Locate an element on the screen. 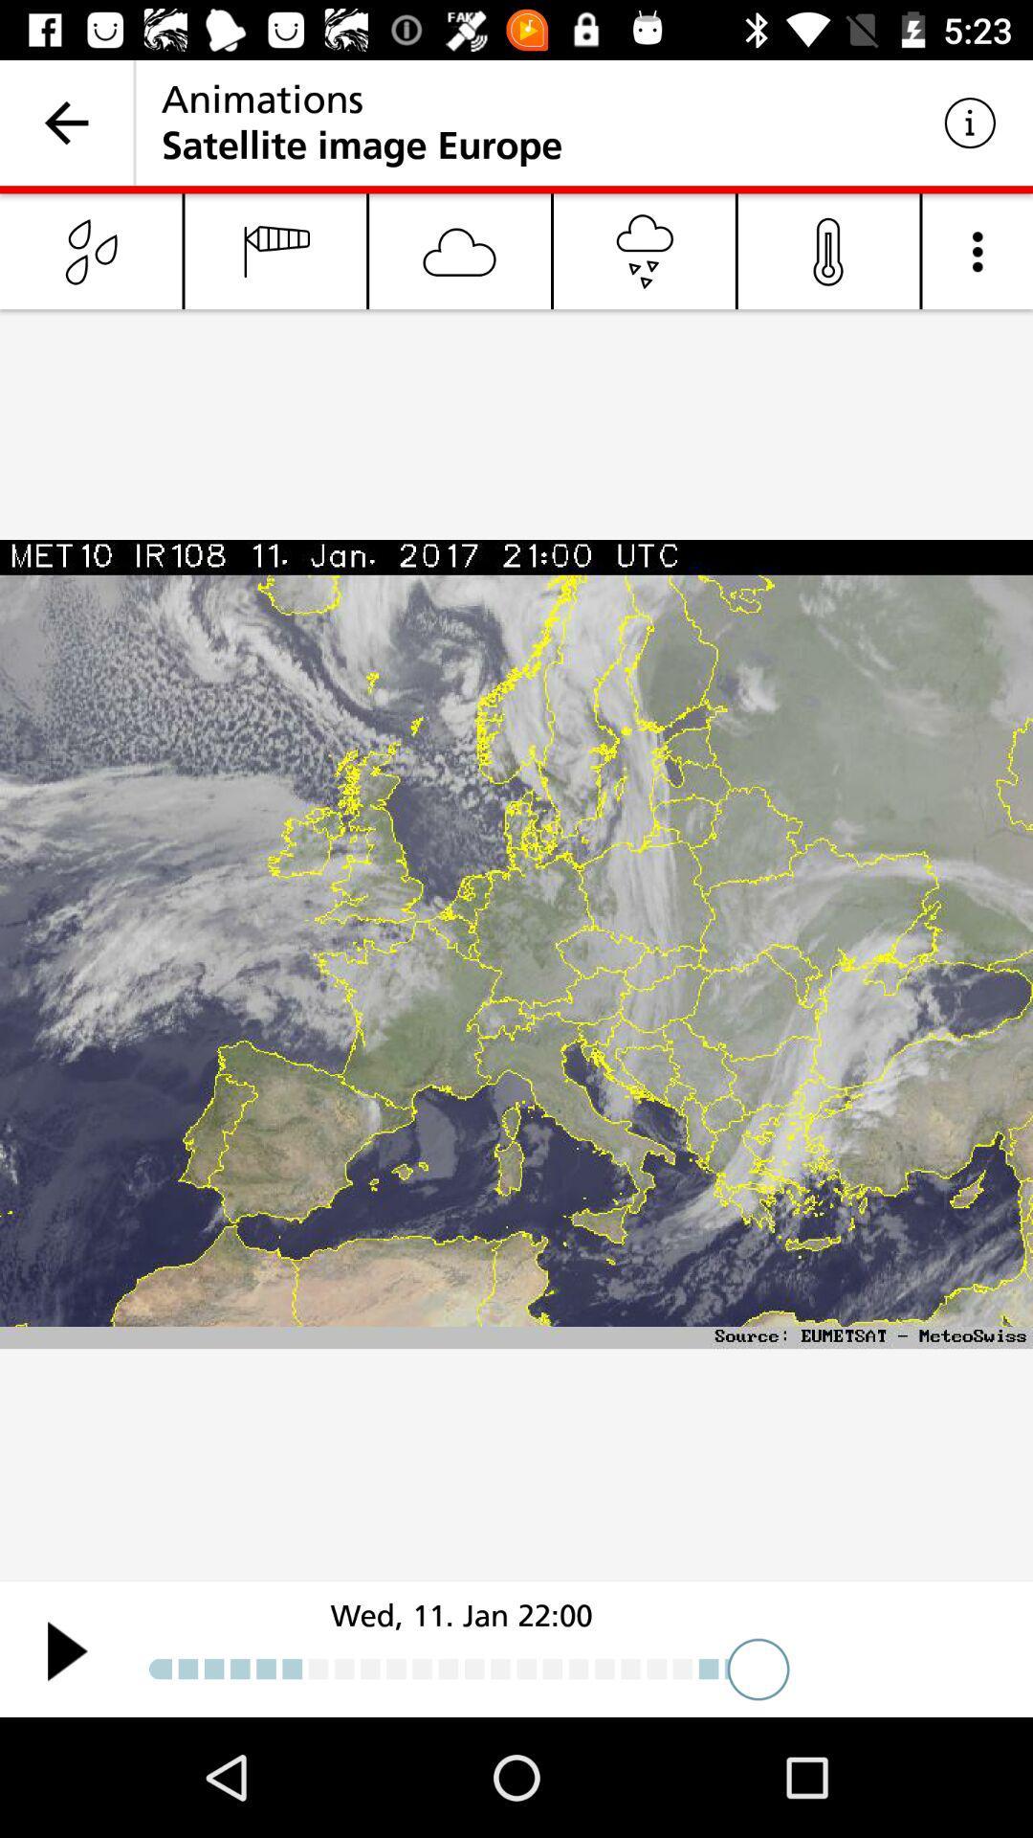 The height and width of the screenshot is (1838, 1033). icon to the left of the animations icon is located at coordinates (65, 122).